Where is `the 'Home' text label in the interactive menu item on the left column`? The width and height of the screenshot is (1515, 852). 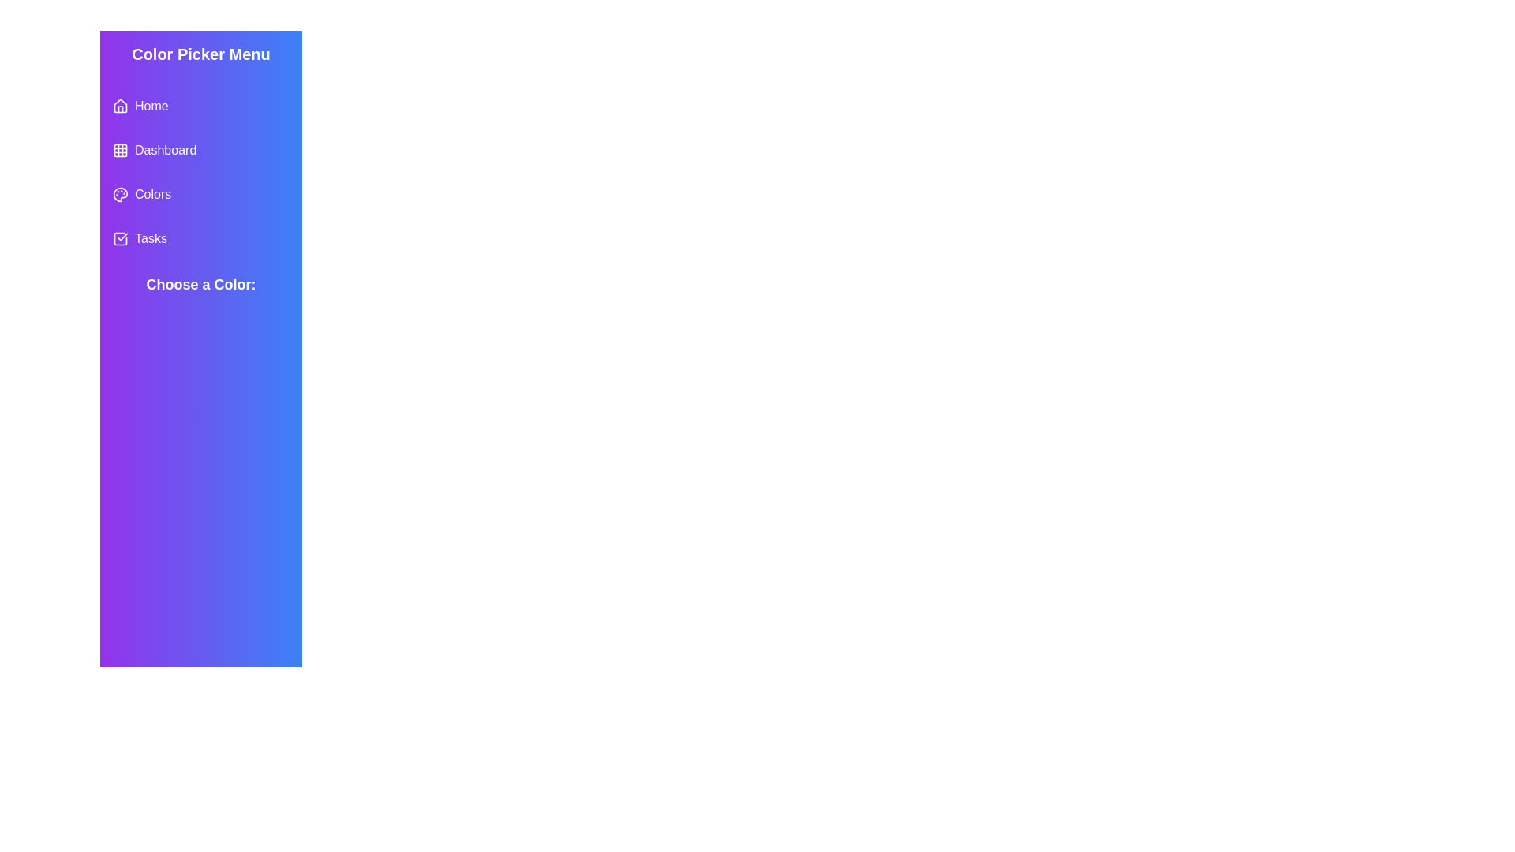
the 'Home' text label in the interactive menu item on the left column is located at coordinates (151, 106).